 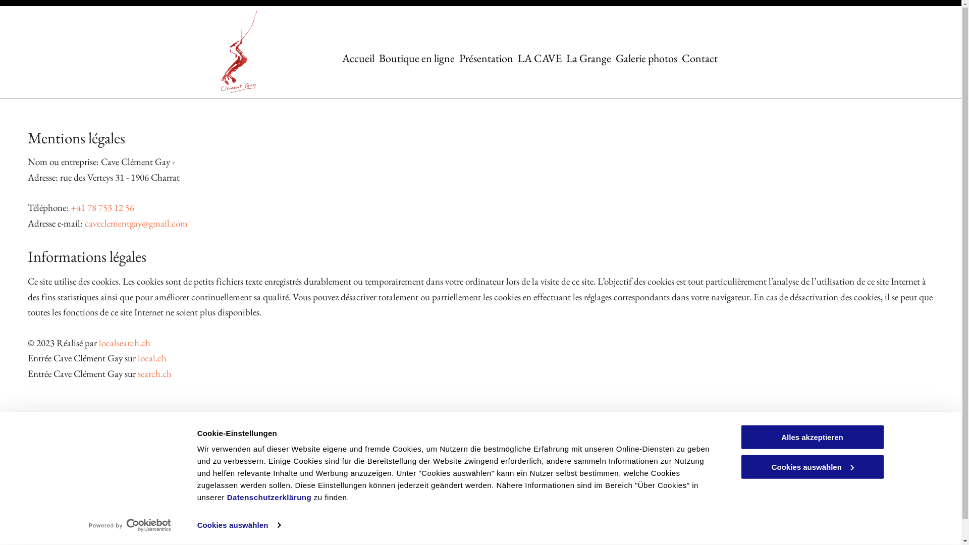 I want to click on 'caveclementgay@gmail.com', so click(x=383, y=481).